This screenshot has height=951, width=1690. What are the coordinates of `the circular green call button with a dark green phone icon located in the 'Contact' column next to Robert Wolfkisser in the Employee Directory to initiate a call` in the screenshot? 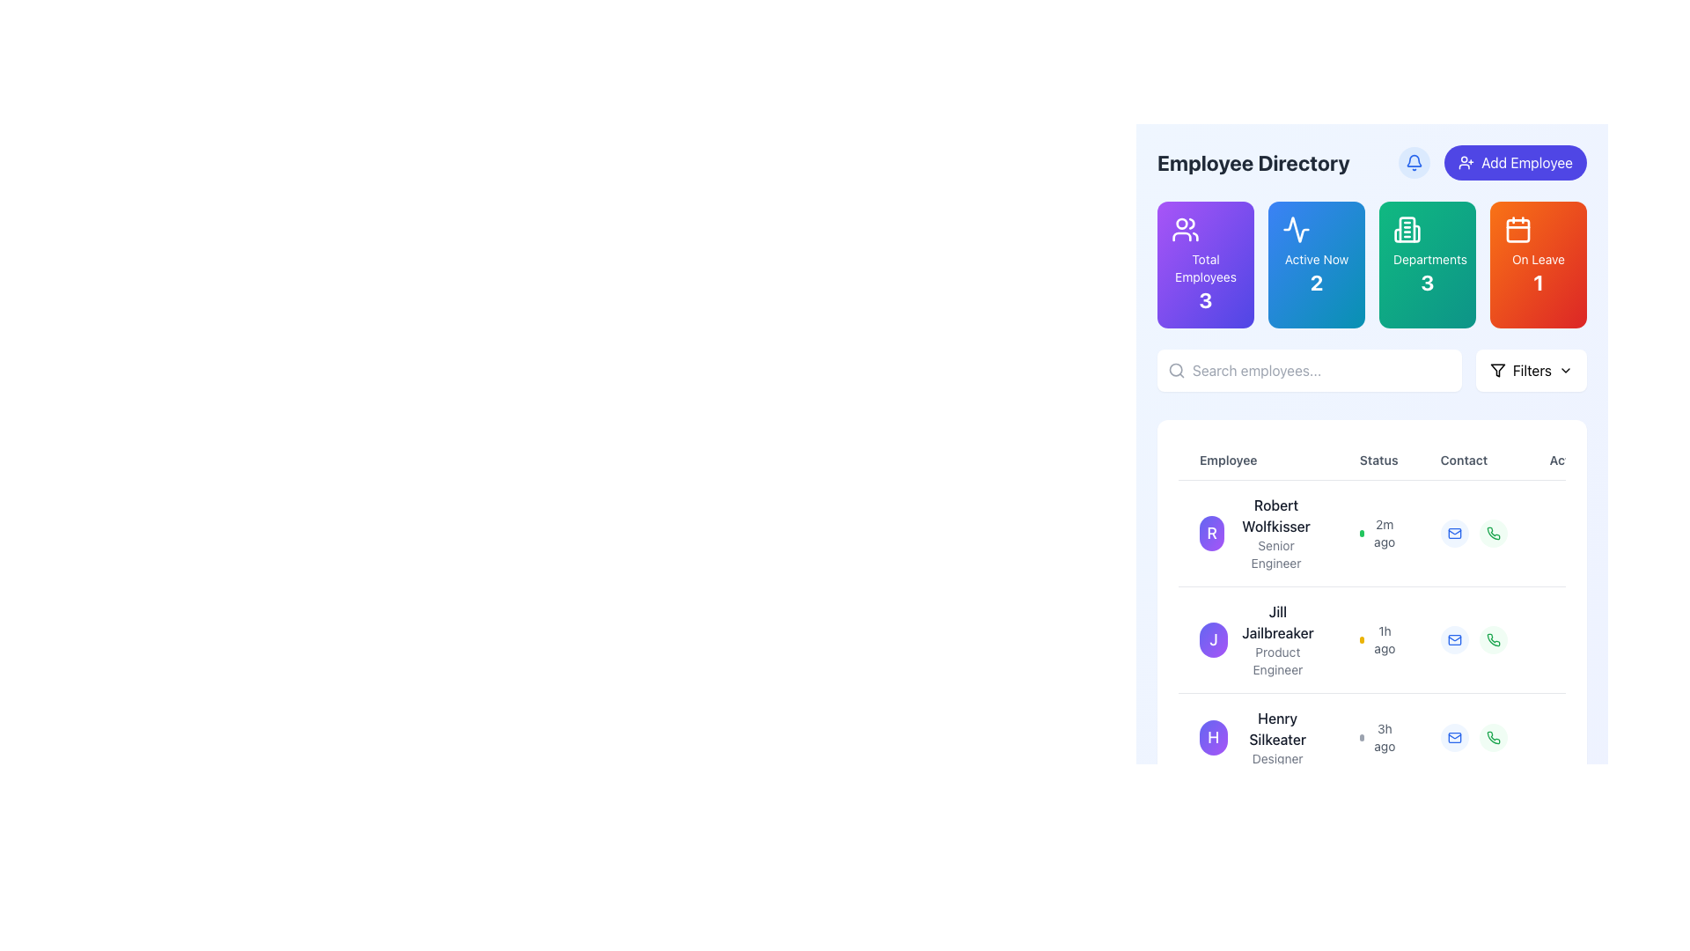 It's located at (1492, 532).